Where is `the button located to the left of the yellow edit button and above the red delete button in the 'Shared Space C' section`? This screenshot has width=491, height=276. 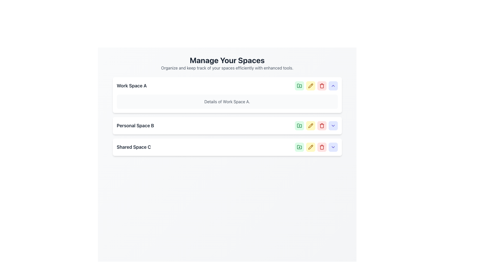 the button located to the left of the yellow edit button and above the red delete button in the 'Shared Space C' section is located at coordinates (299, 147).